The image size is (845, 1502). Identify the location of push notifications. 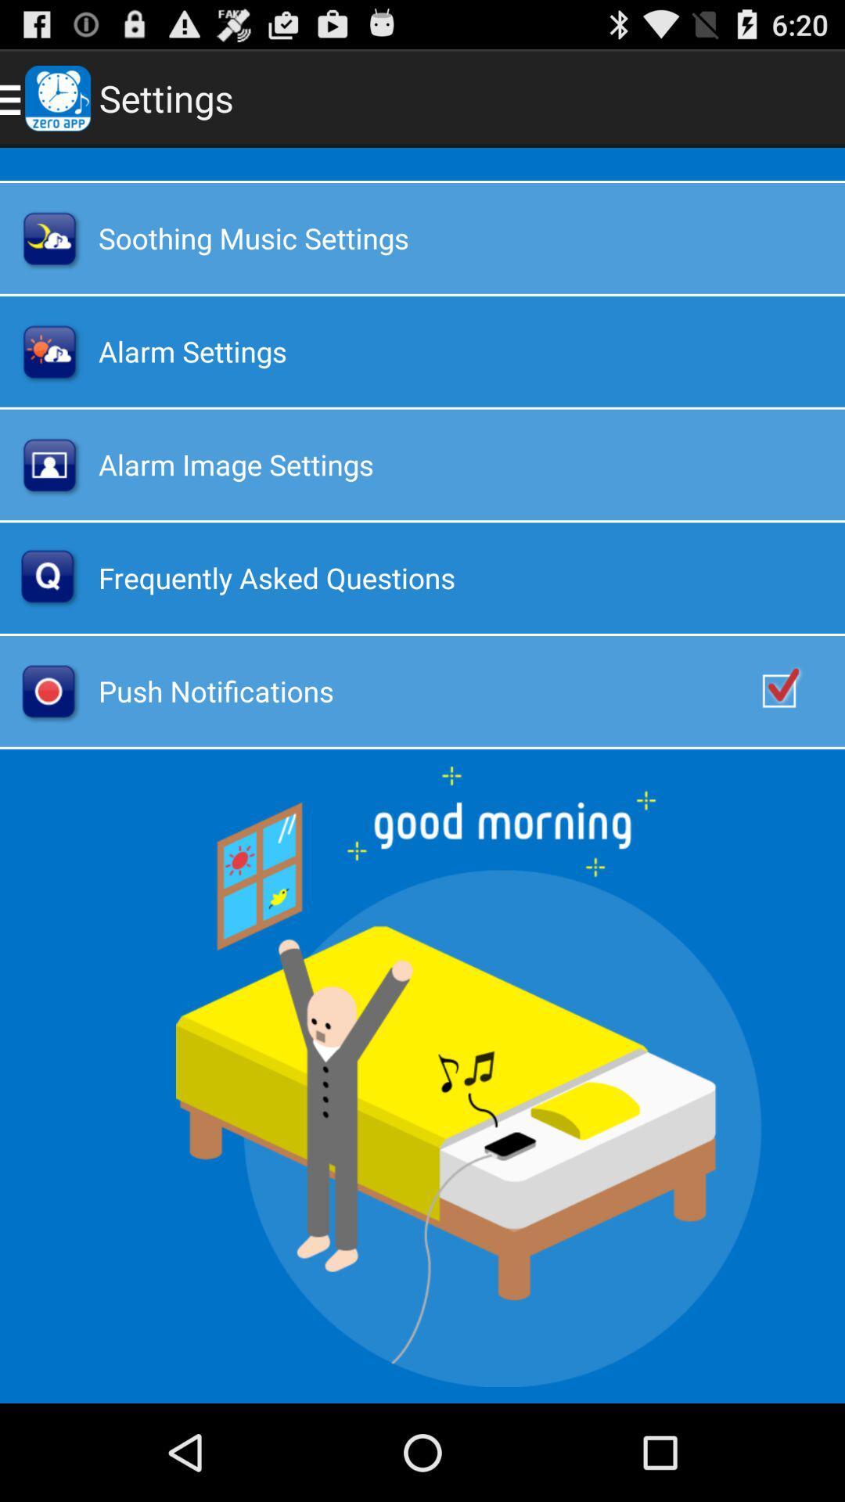
(796, 690).